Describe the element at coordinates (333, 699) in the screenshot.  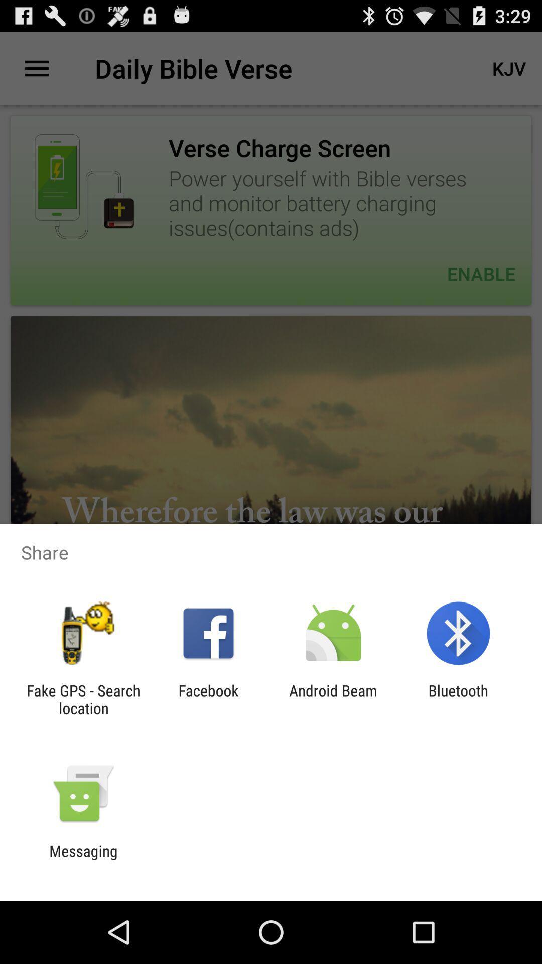
I see `icon next to facebook` at that location.